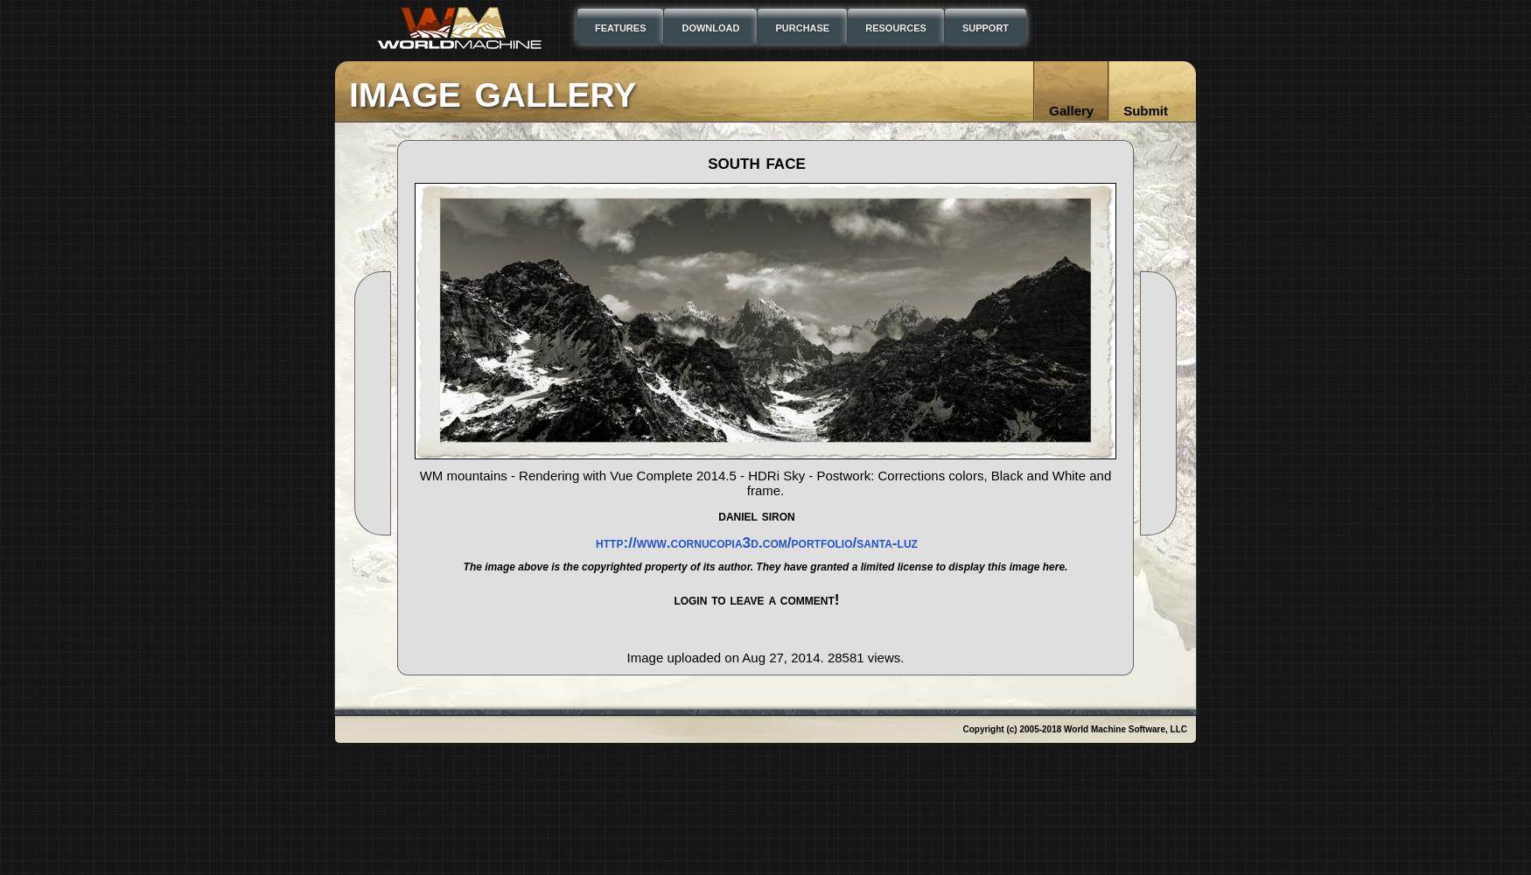 Image resolution: width=1531 pixels, height=875 pixels. I want to click on 'Copyright (c) 2005-2018 World Machine Software, LLC', so click(1074, 728).